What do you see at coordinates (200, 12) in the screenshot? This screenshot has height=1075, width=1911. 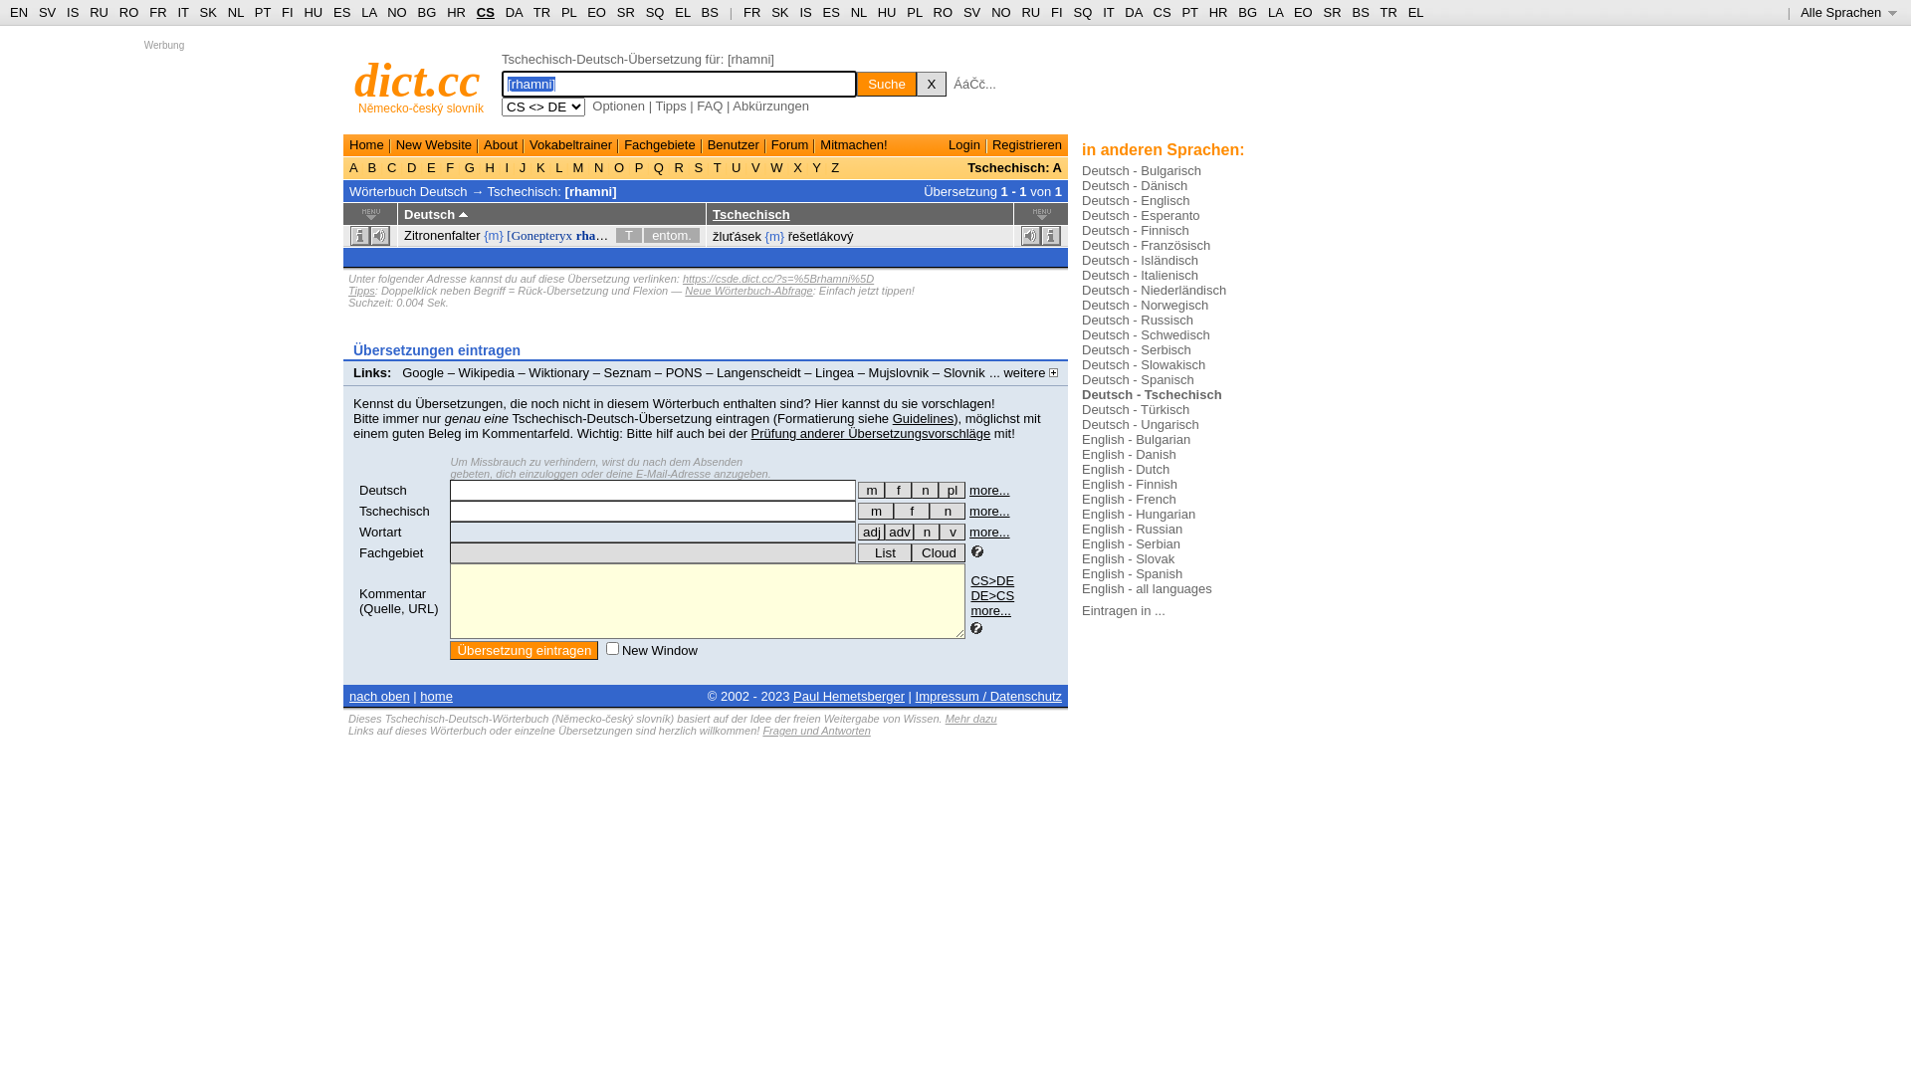 I see `'SK'` at bounding box center [200, 12].